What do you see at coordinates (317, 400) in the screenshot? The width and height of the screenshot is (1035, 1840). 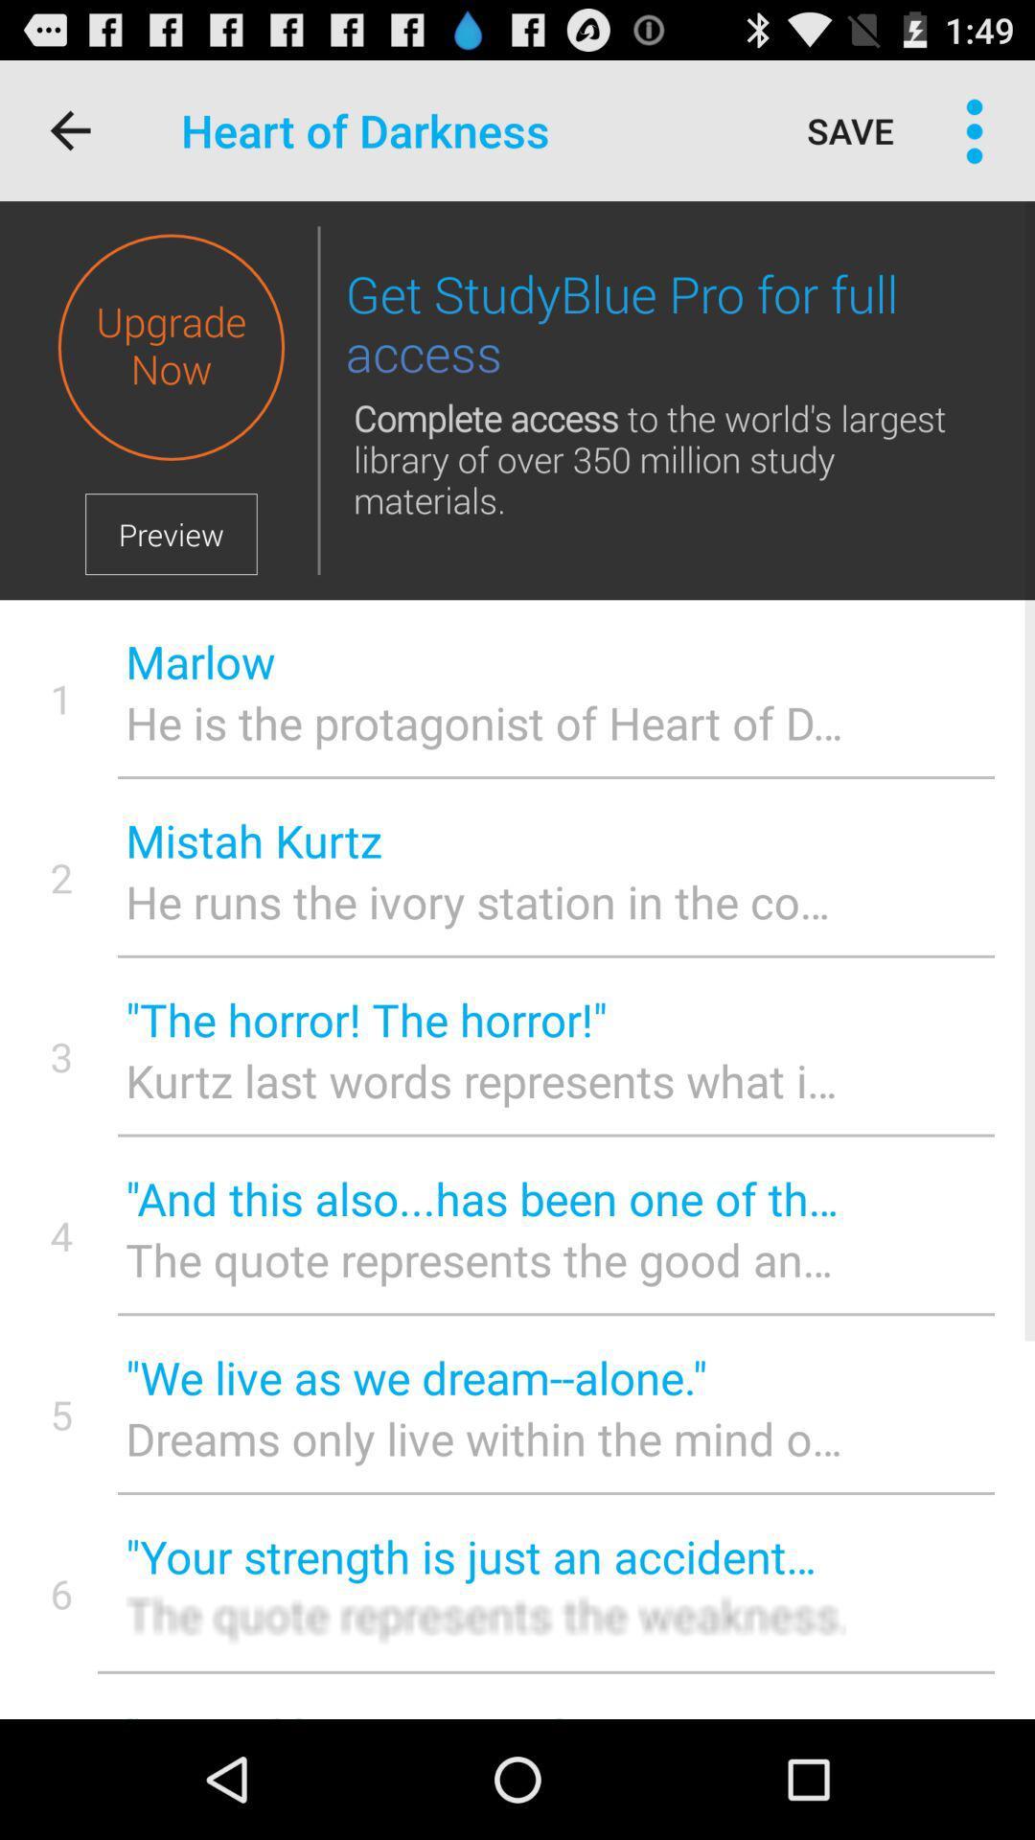 I see `the icon to the right of upgrade now` at bounding box center [317, 400].